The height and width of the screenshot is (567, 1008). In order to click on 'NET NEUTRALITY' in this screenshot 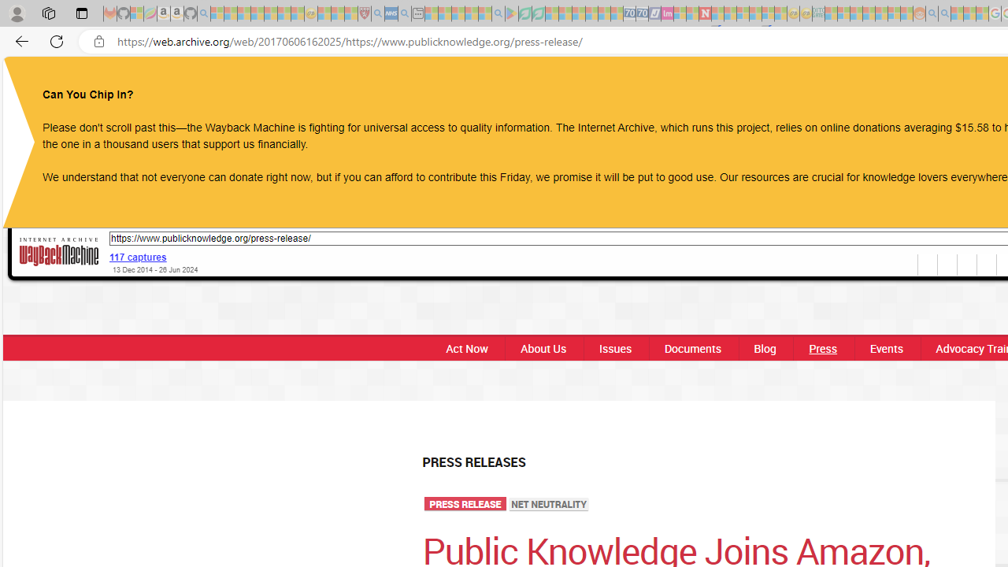, I will do `click(549, 505)`.